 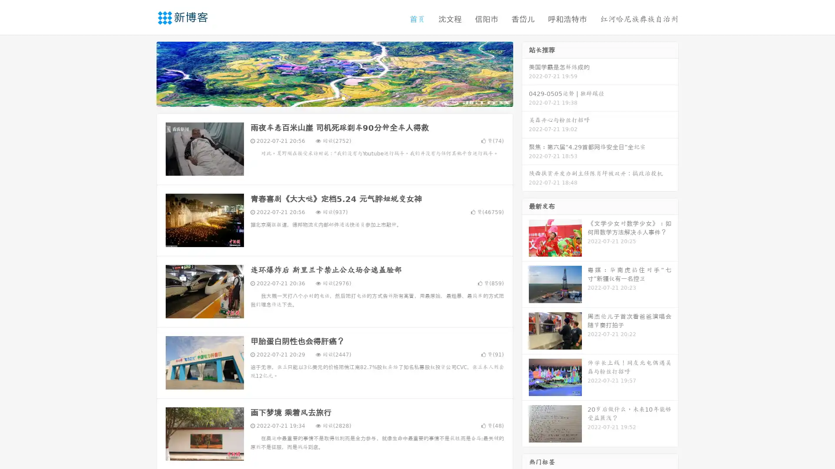 What do you see at coordinates (334, 98) in the screenshot?
I see `Go to slide 2` at bounding box center [334, 98].